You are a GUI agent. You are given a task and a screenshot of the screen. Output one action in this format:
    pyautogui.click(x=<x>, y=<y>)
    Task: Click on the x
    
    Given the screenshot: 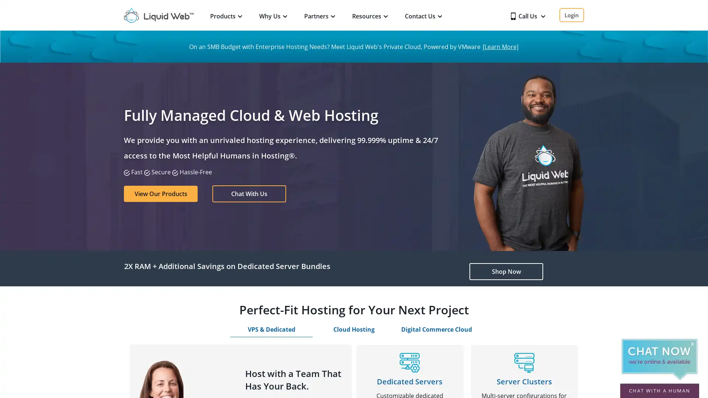 What is the action you would take?
    pyautogui.click(x=692, y=343)
    